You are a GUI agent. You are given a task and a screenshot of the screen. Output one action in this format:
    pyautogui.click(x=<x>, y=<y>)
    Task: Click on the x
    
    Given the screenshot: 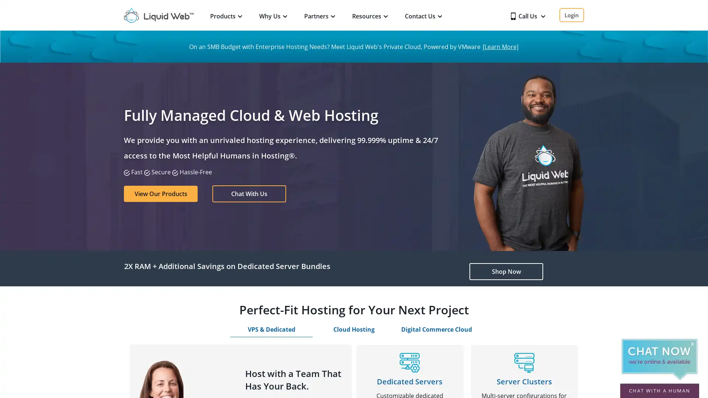 What is the action you would take?
    pyautogui.click(x=692, y=343)
    